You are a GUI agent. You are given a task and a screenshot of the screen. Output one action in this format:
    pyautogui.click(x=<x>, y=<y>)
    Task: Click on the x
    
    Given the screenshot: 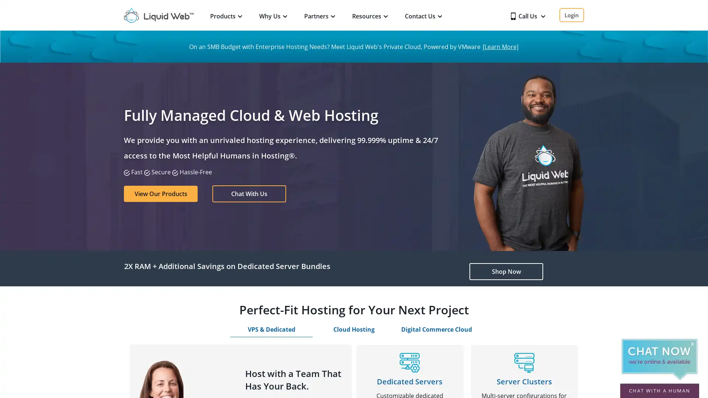 What is the action you would take?
    pyautogui.click(x=692, y=343)
    